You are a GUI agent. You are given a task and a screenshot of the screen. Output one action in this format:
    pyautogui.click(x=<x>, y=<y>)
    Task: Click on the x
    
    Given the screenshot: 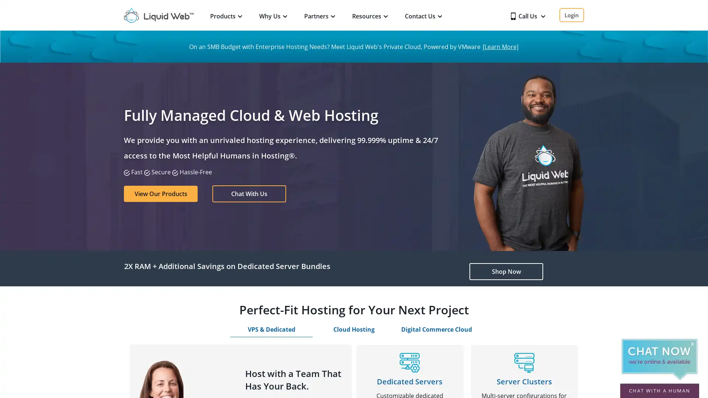 What is the action you would take?
    pyautogui.click(x=692, y=343)
    